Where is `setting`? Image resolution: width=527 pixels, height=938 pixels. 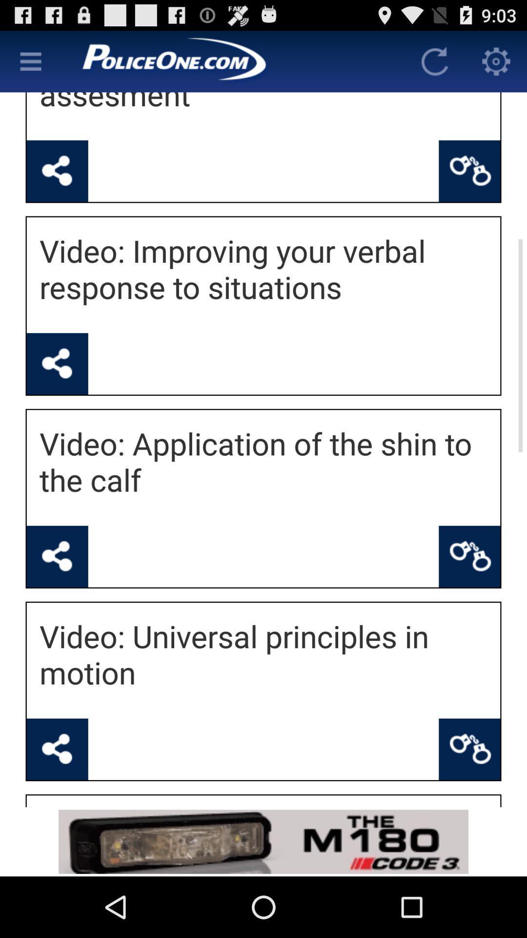
setting is located at coordinates (496, 61).